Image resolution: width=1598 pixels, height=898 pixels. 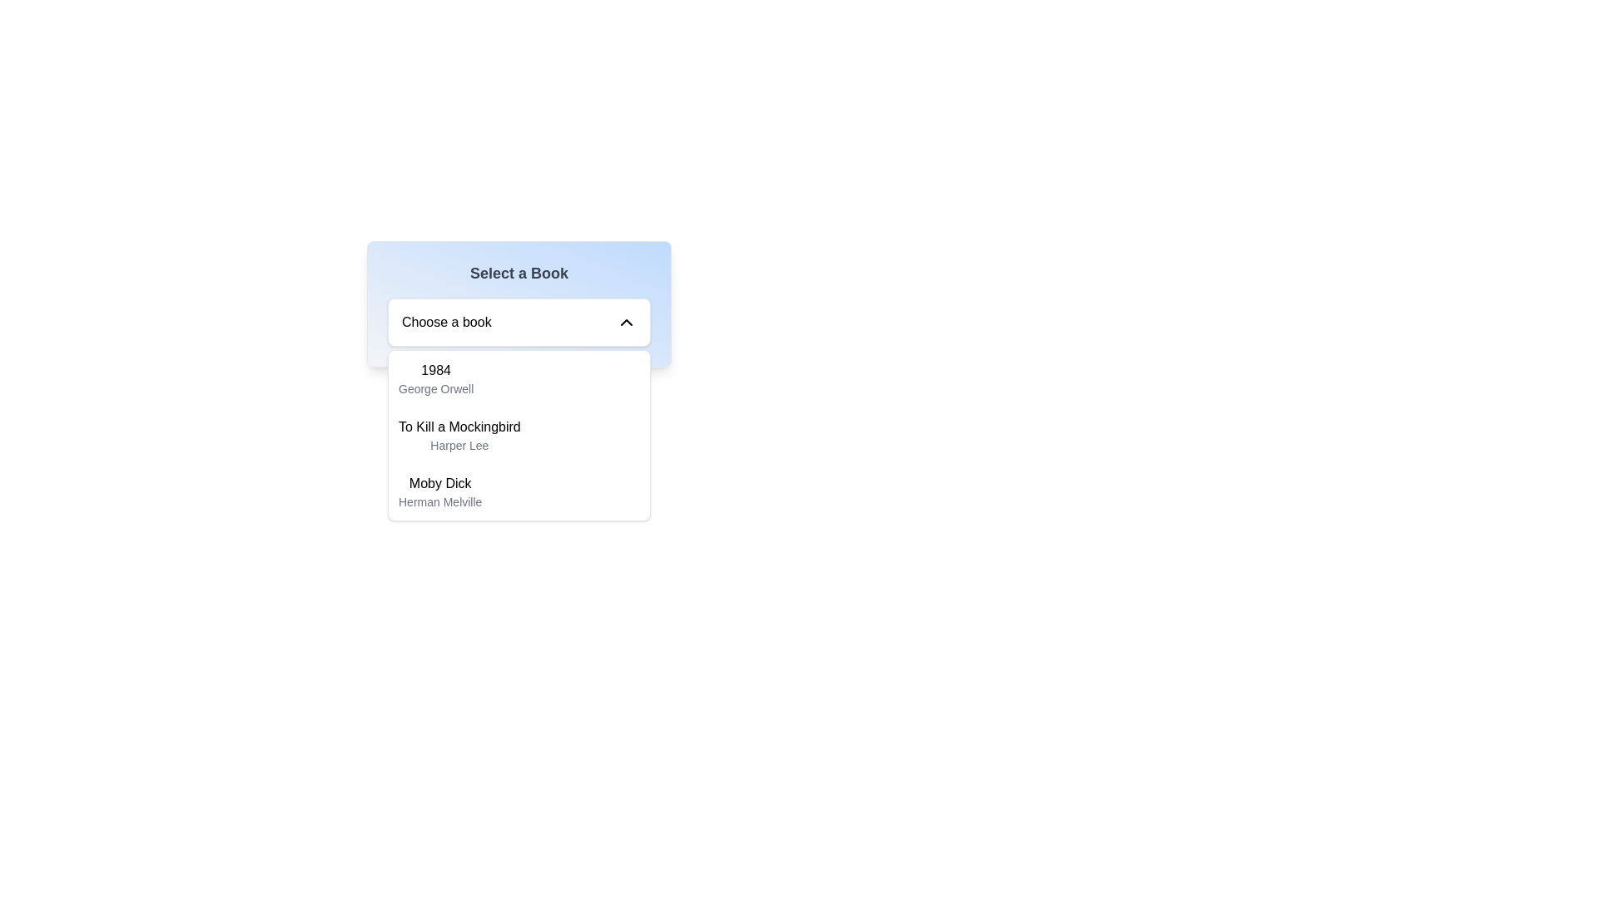 What do you see at coordinates (435, 370) in the screenshot?
I see `the text label displaying '1984' in a bold font within the dropdown menu titled 'Select a Book'` at bounding box center [435, 370].